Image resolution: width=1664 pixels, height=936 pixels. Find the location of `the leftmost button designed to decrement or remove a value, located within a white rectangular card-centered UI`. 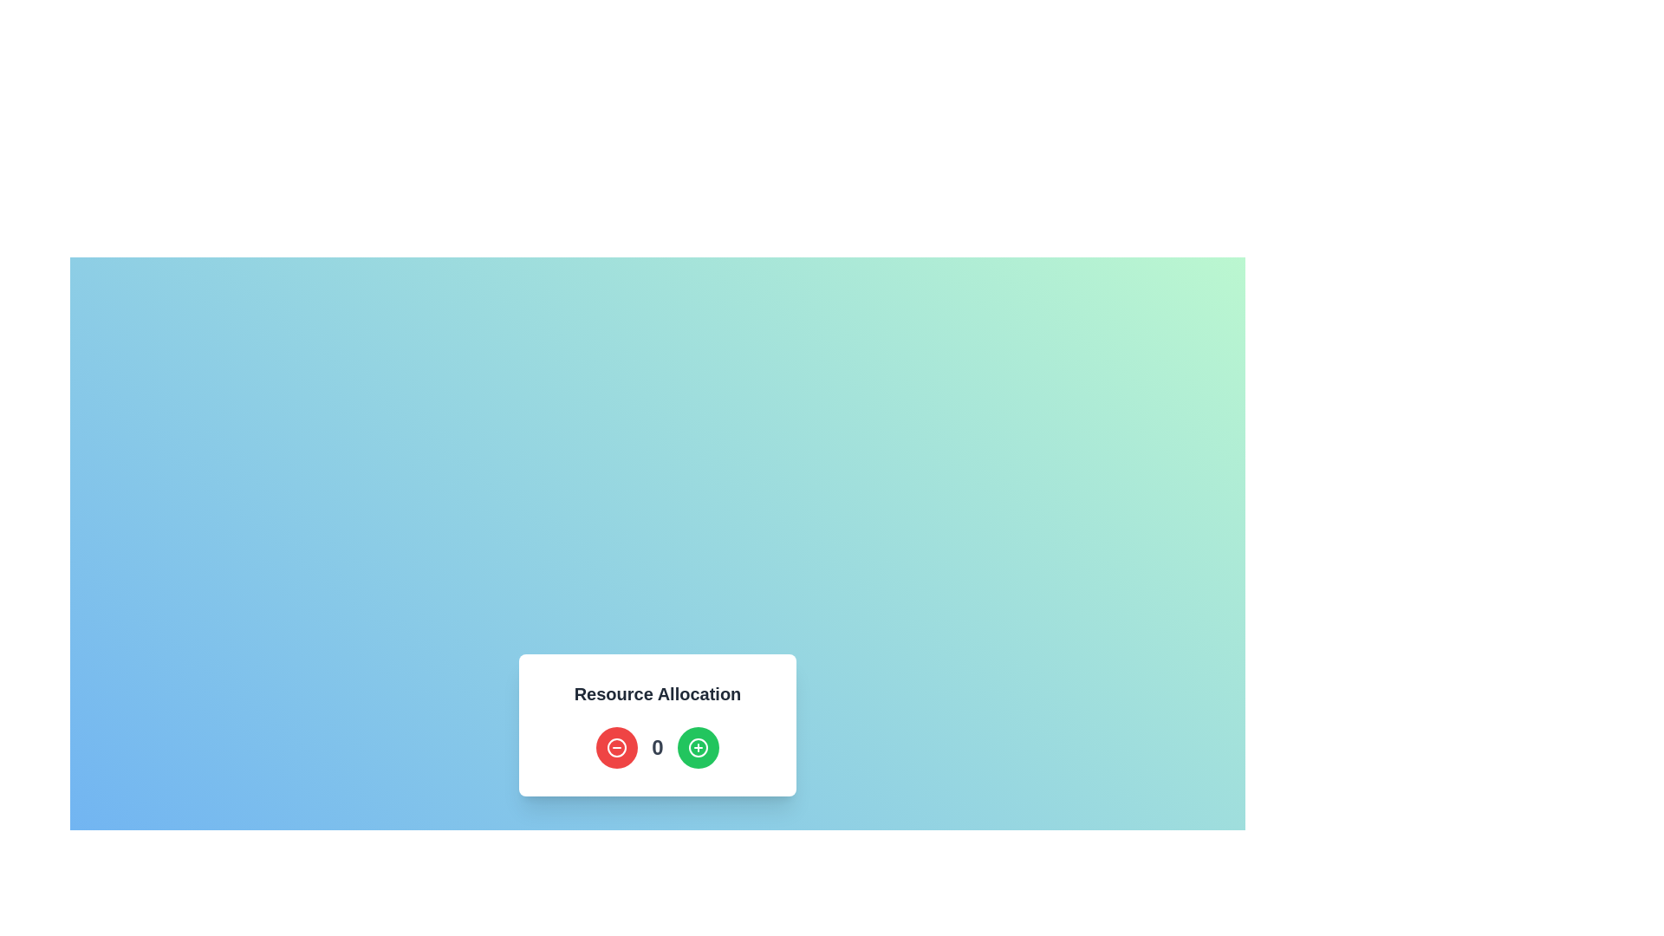

the leftmost button designed to decrement or remove a value, located within a white rectangular card-centered UI is located at coordinates (617, 747).